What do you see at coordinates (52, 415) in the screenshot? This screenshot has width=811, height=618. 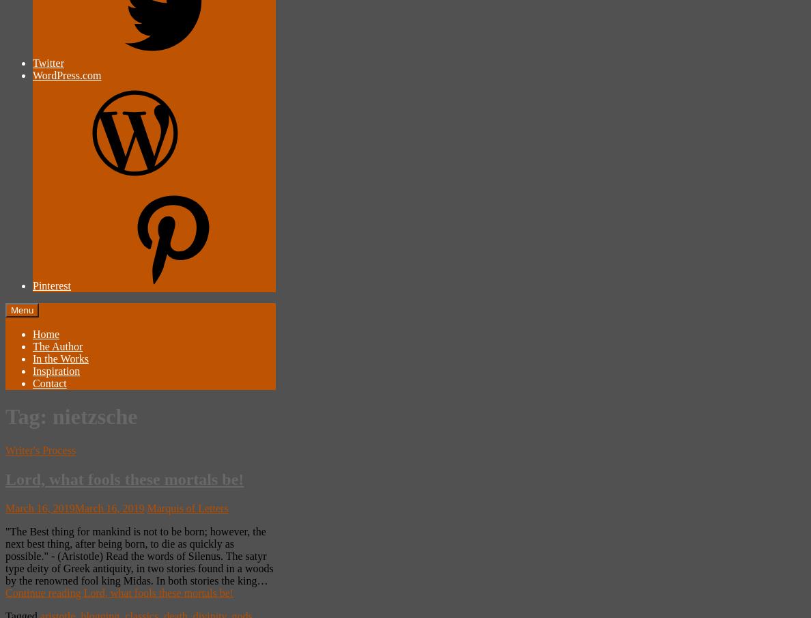 I see `'nietzsche'` at bounding box center [52, 415].